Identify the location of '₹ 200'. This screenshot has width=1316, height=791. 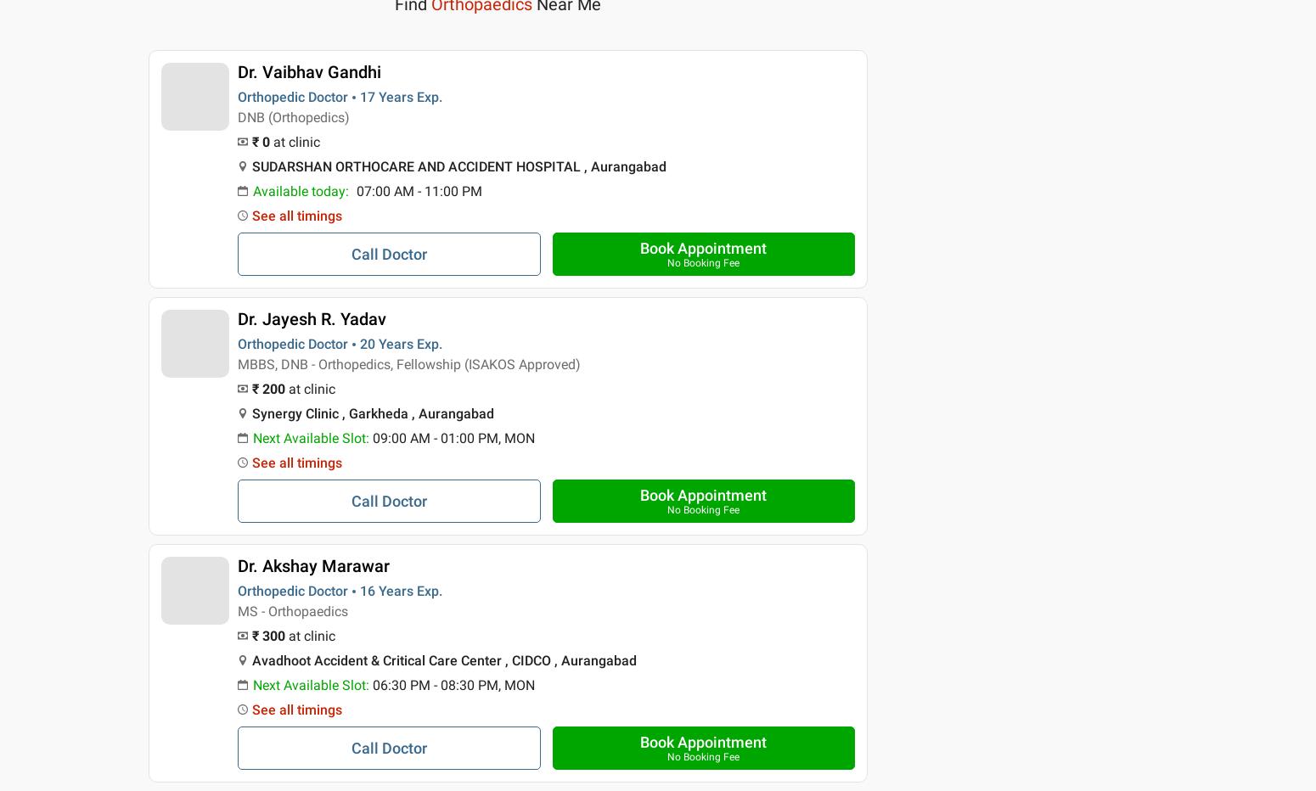
(251, 389).